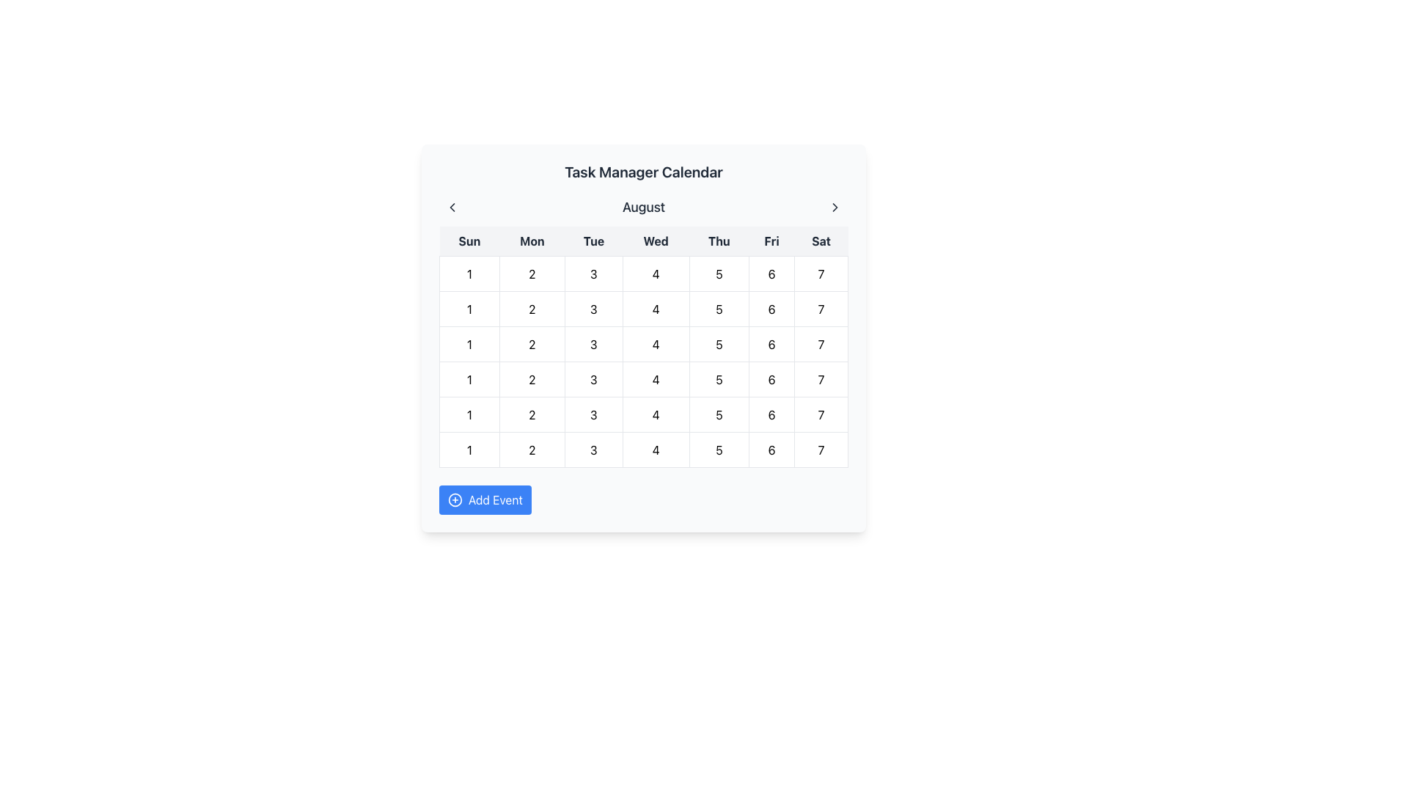 The width and height of the screenshot is (1408, 792). Describe the element at coordinates (771, 274) in the screenshot. I see `the calendar date cell representing the day 6 (Friday)` at that location.